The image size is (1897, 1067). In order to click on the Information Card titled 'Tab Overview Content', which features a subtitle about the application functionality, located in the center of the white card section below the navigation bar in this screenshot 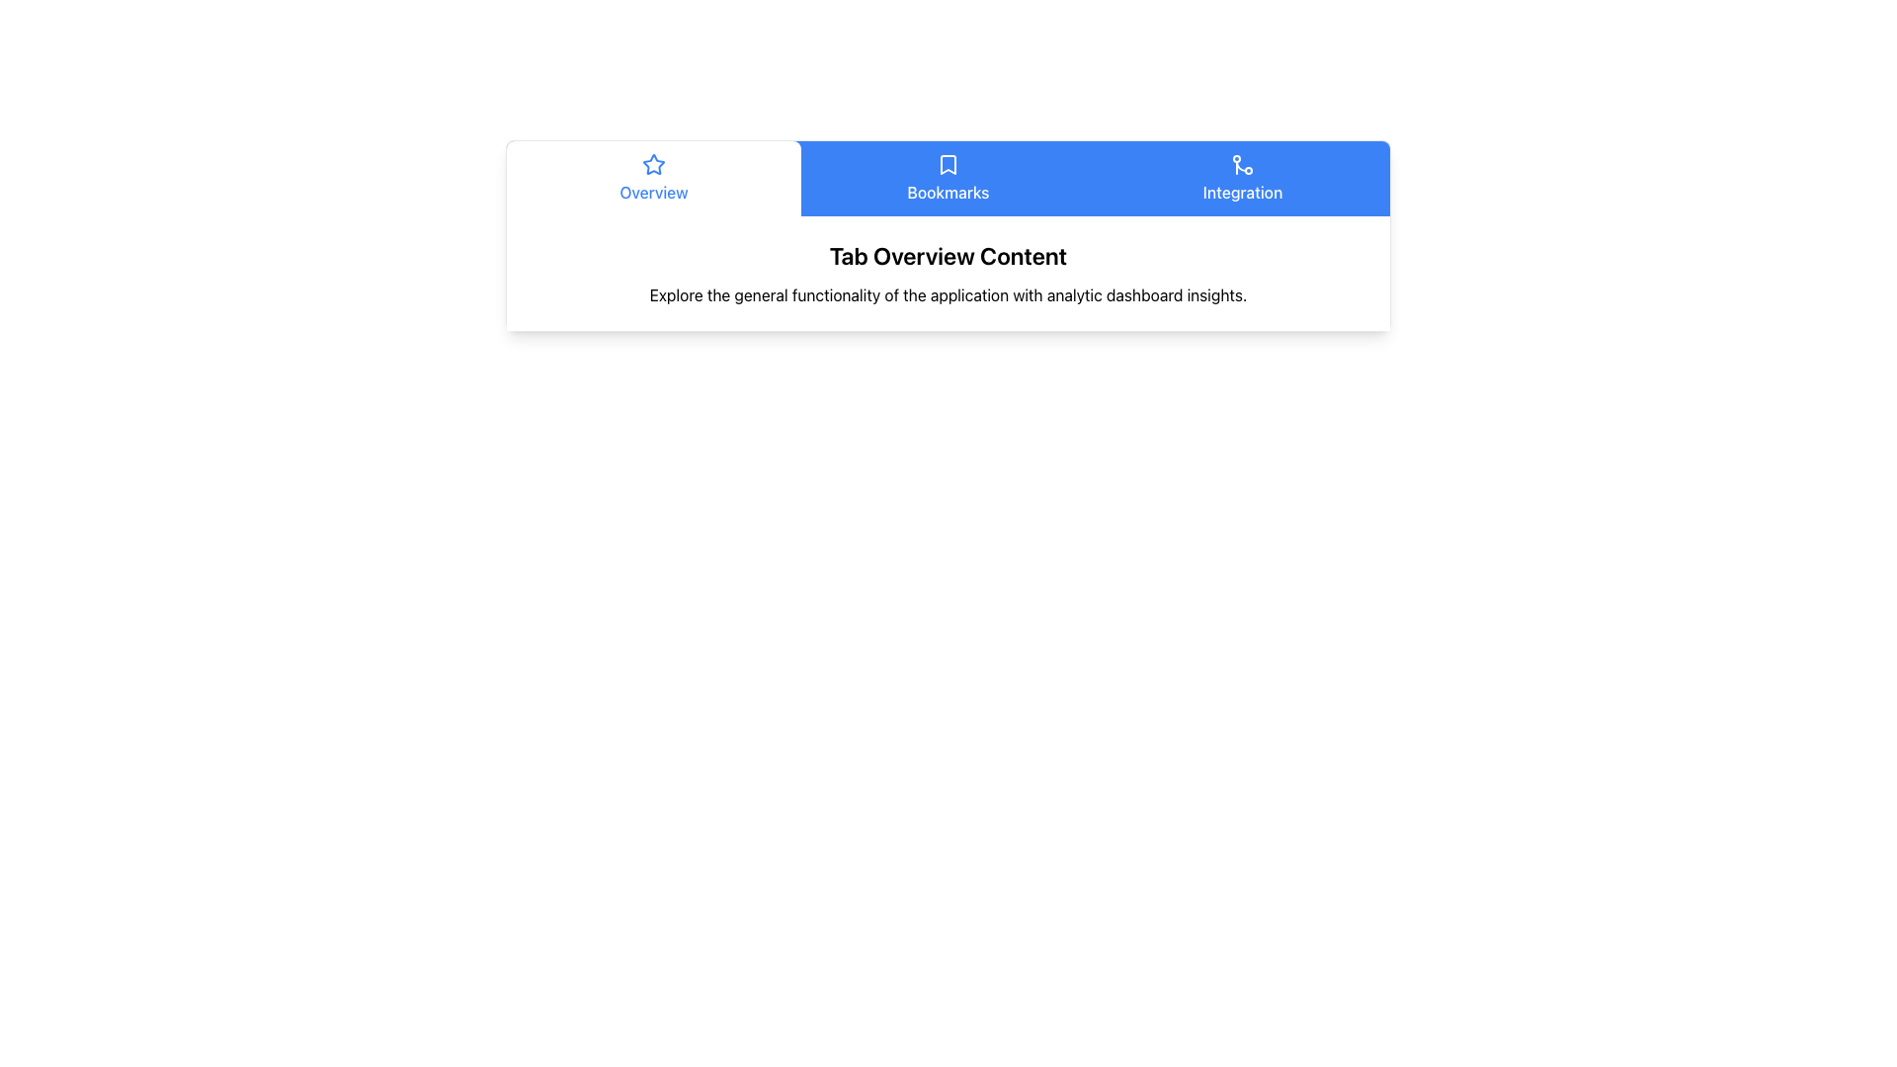, I will do `click(948, 274)`.